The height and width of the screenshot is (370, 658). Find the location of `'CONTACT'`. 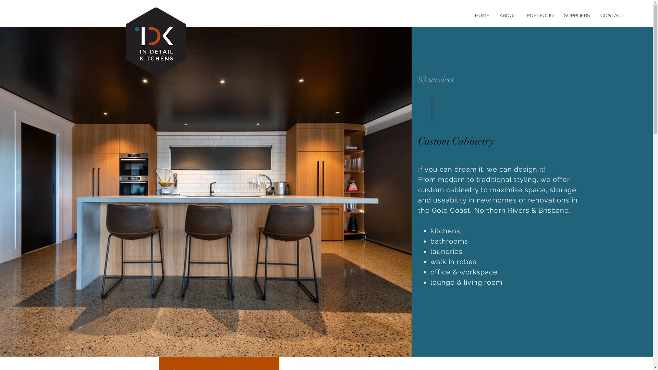

'CONTACT' is located at coordinates (595, 15).